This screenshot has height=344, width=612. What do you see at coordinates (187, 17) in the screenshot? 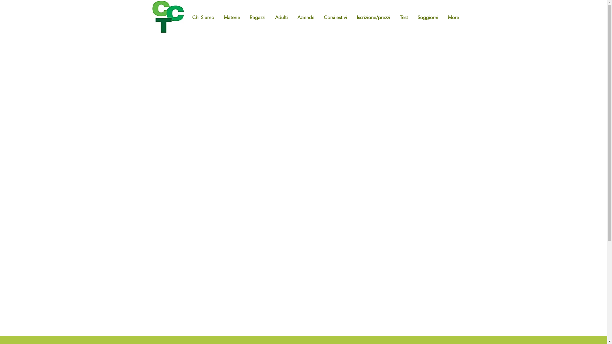
I see `'Chi Siamo'` at bounding box center [187, 17].